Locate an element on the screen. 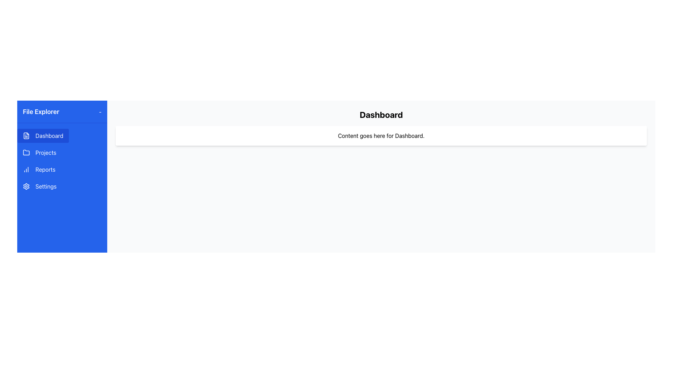 The image size is (675, 380). the blue rectangular 'Dashboard' button with rounded corners, which has a document outline icon on the left and the text 'Dashboard' on the right, to trigger a visual effect is located at coordinates (43, 135).